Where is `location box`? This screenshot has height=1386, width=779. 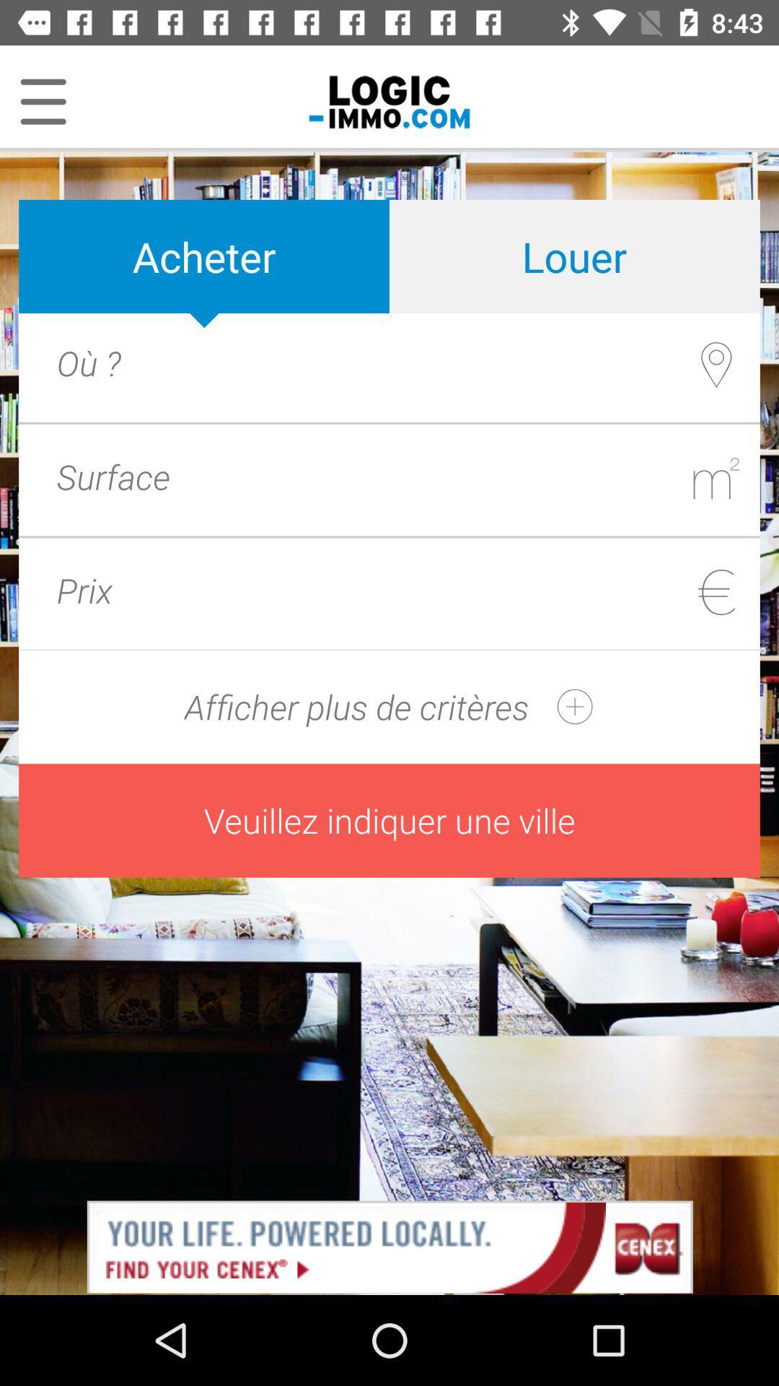
location box is located at coordinates (420, 362).